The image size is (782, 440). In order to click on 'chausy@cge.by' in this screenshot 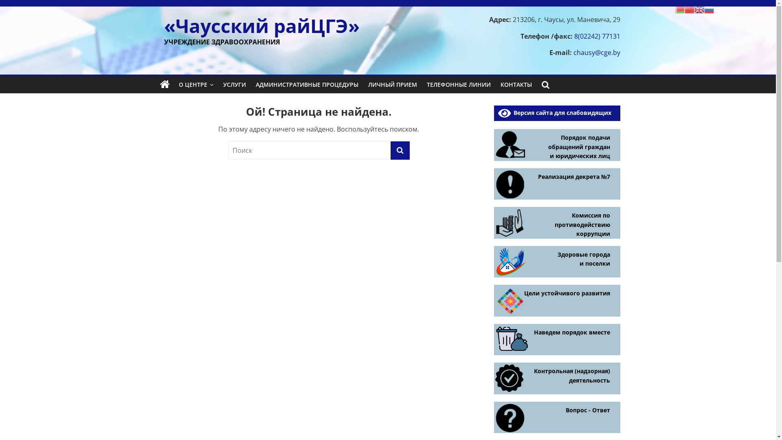, I will do `click(573, 52)`.